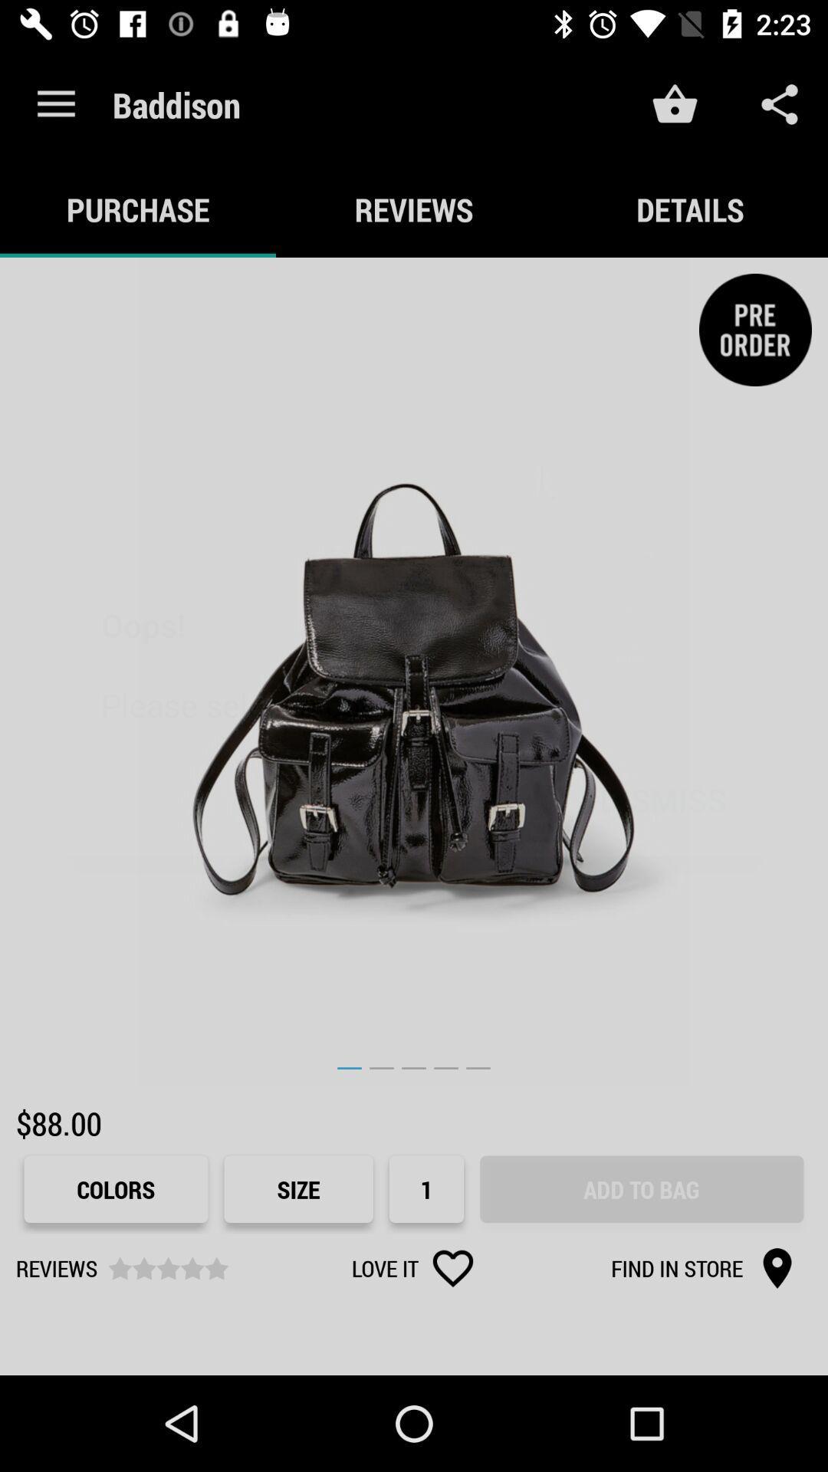  Describe the element at coordinates (426, 1188) in the screenshot. I see `the option next to size` at that location.